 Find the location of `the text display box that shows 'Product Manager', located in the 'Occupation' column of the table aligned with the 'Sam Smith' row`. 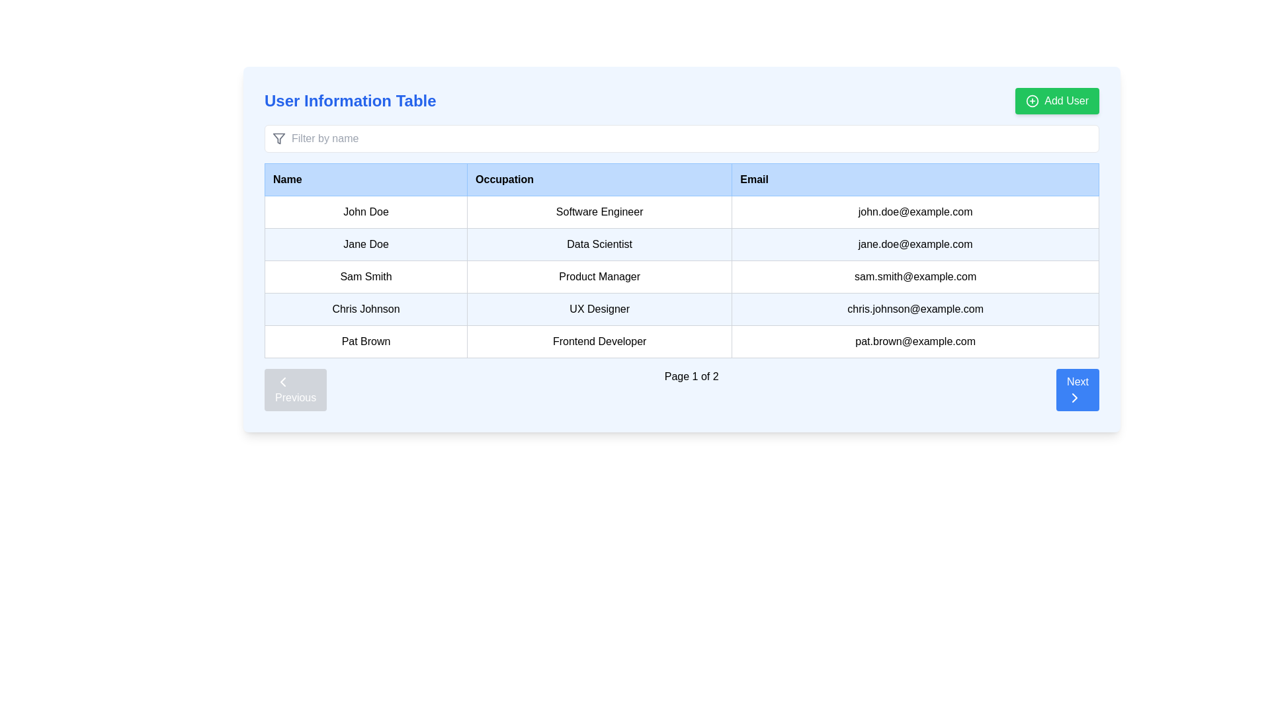

the text display box that shows 'Product Manager', located in the 'Occupation' column of the table aligned with the 'Sam Smith' row is located at coordinates (599, 276).